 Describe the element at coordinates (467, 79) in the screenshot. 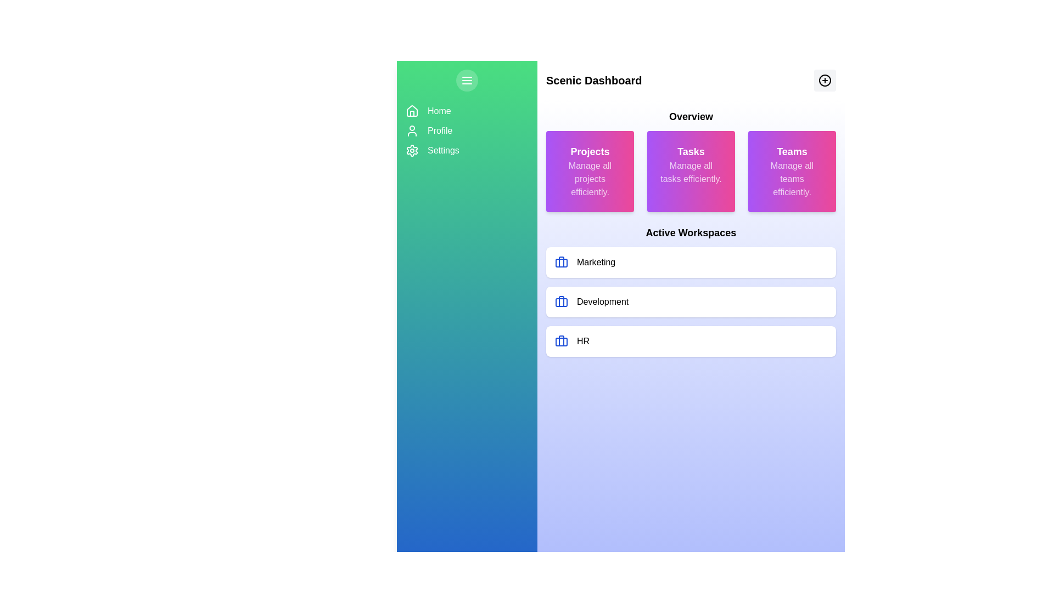

I see `the menu toggle button located near the top left in the sidebar region of the dashboard interface` at that location.